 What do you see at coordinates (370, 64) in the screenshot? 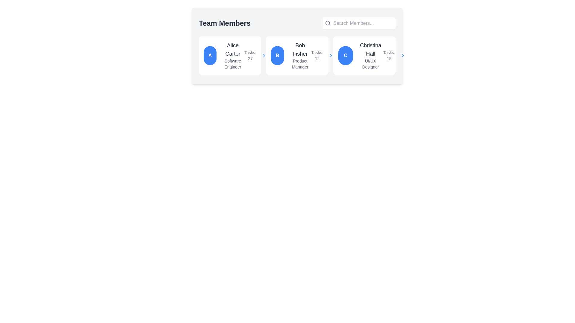
I see `role description label indicating 'UI/UX Designer' for Christina Hall, located within the profile card below the name label` at bounding box center [370, 64].